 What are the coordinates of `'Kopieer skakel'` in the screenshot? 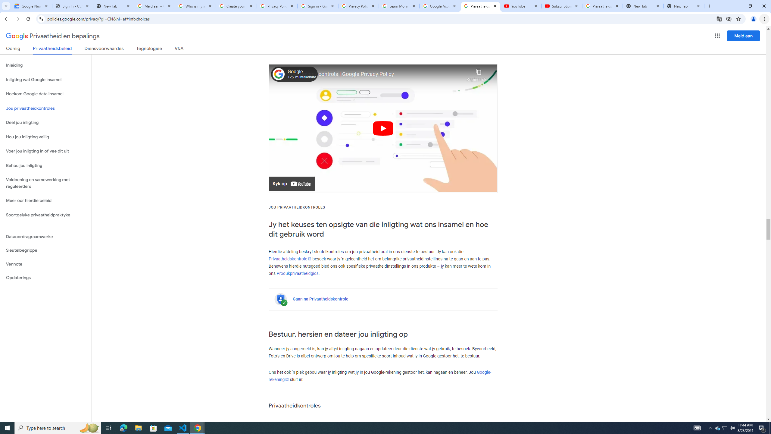 It's located at (478, 74).